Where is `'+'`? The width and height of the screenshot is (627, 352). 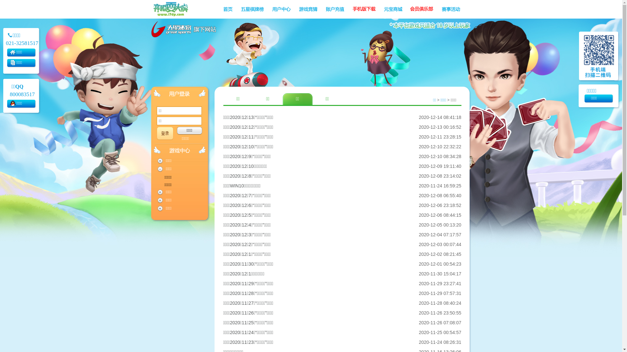
'+' is located at coordinates (160, 209).